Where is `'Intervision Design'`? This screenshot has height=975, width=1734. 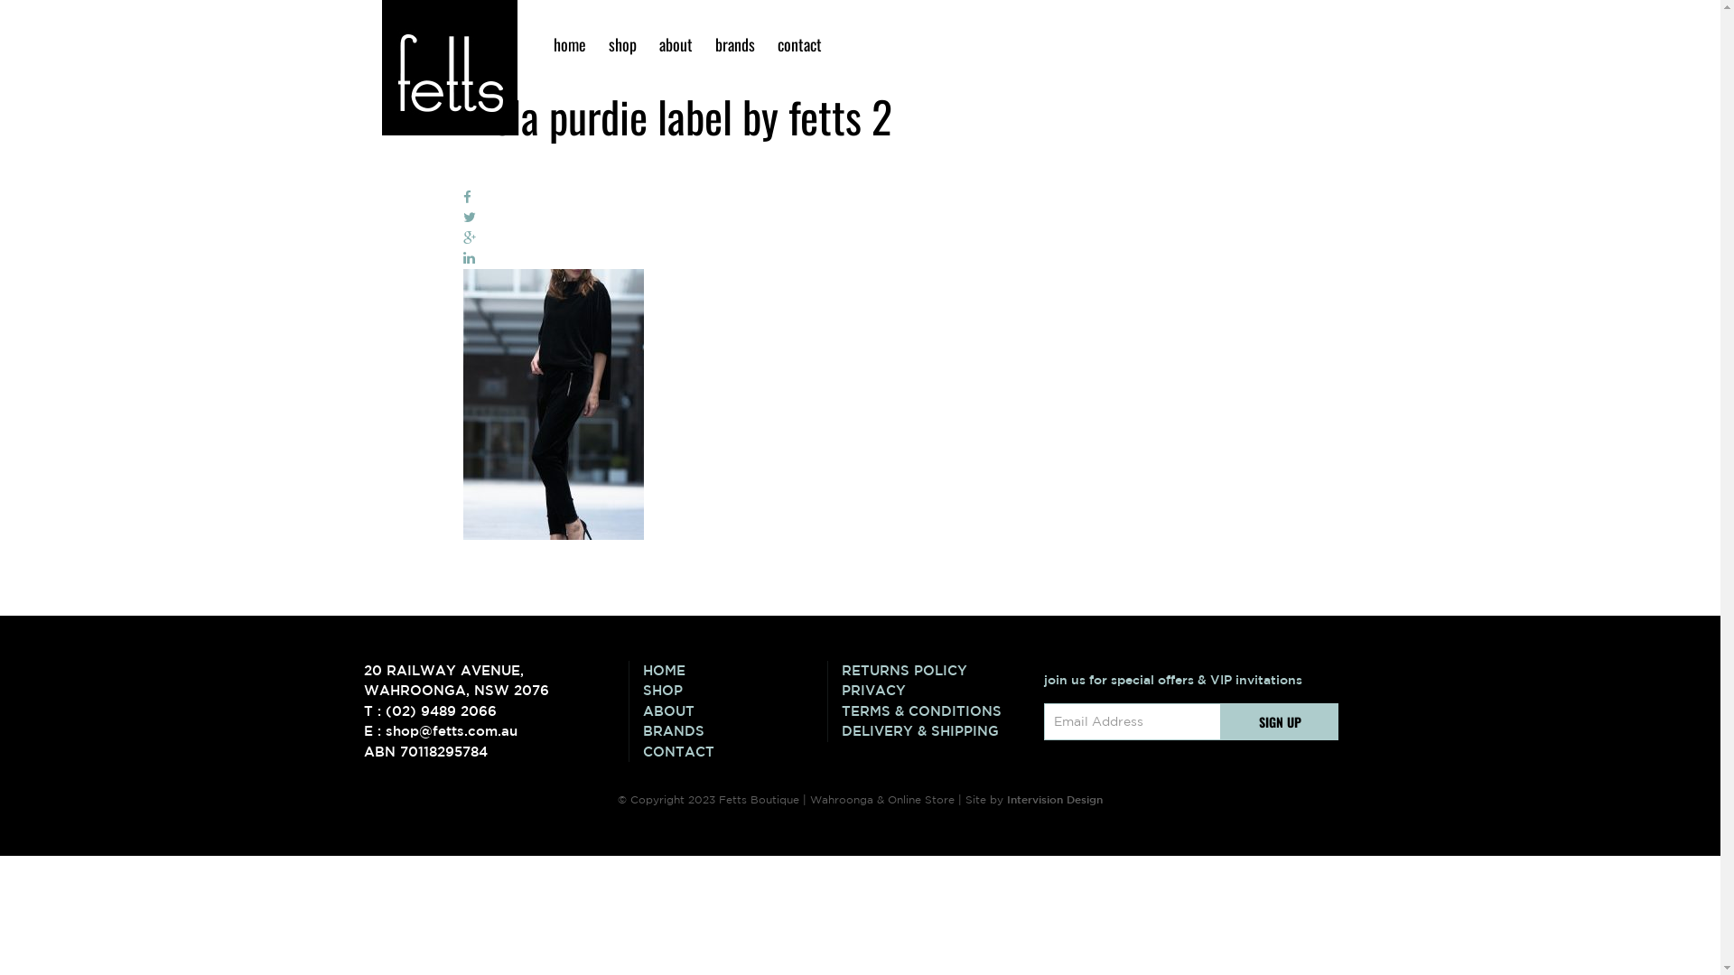 'Intervision Design' is located at coordinates (1054, 797).